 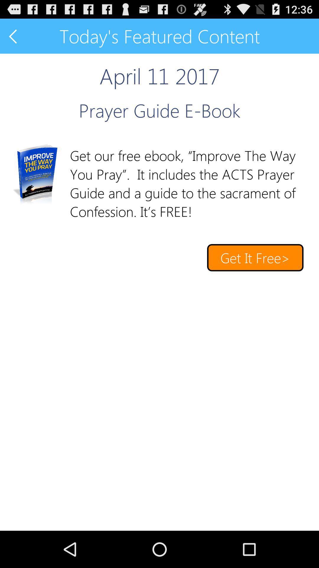 I want to click on go previous, so click(x=13, y=36).